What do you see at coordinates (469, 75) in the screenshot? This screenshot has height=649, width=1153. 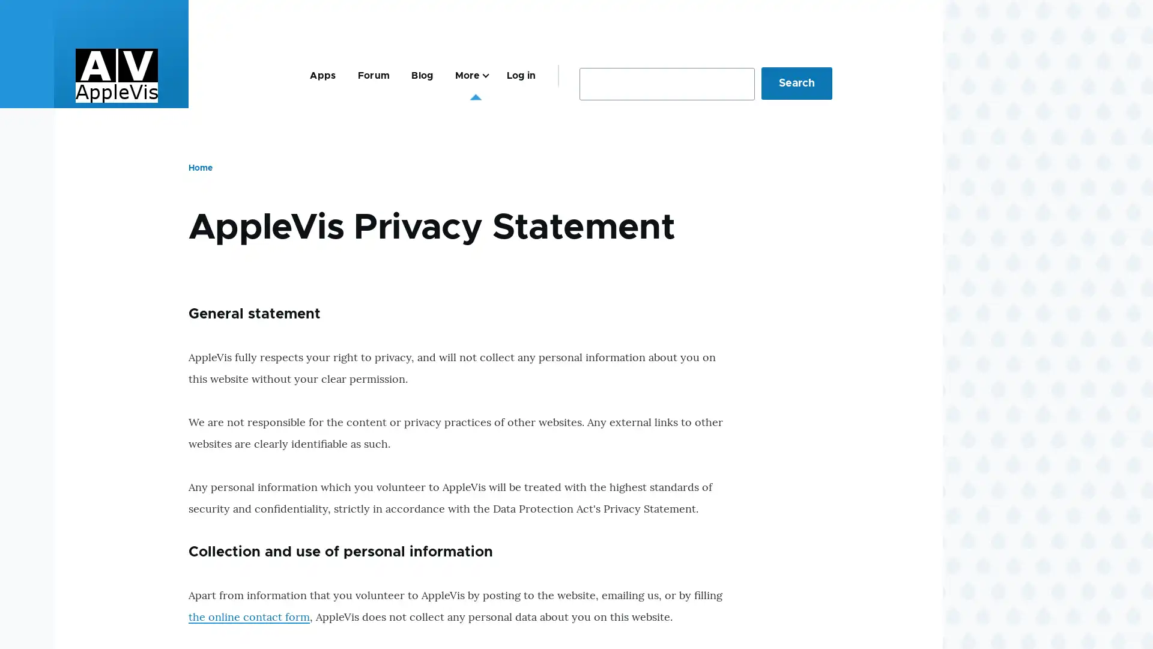 I see `More` at bounding box center [469, 75].